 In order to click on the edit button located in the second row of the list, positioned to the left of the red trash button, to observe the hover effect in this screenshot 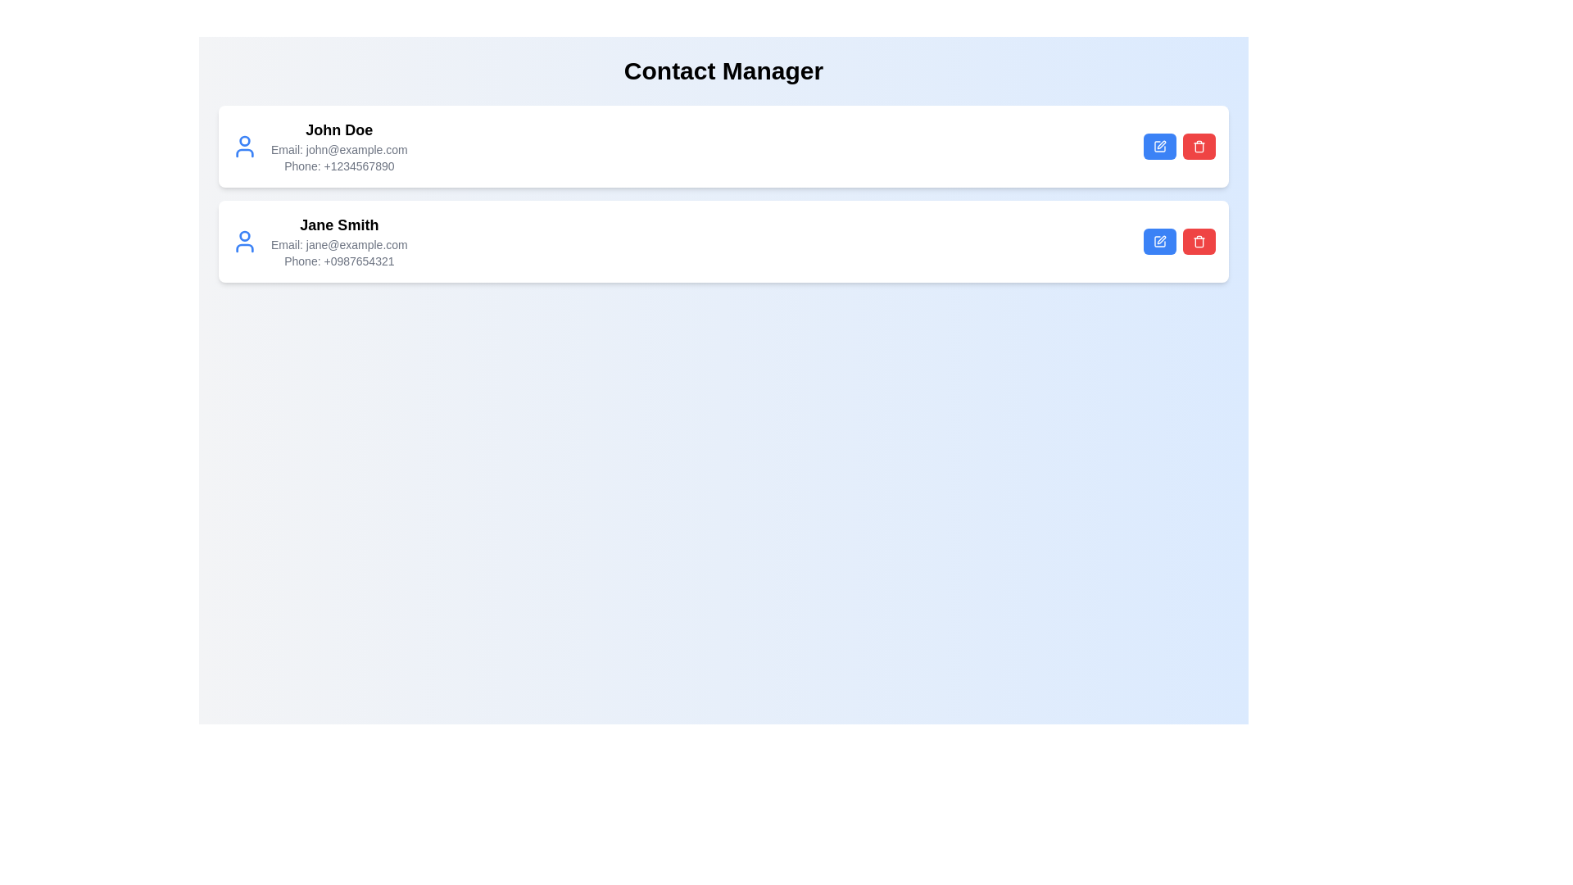, I will do `click(1159, 241)`.